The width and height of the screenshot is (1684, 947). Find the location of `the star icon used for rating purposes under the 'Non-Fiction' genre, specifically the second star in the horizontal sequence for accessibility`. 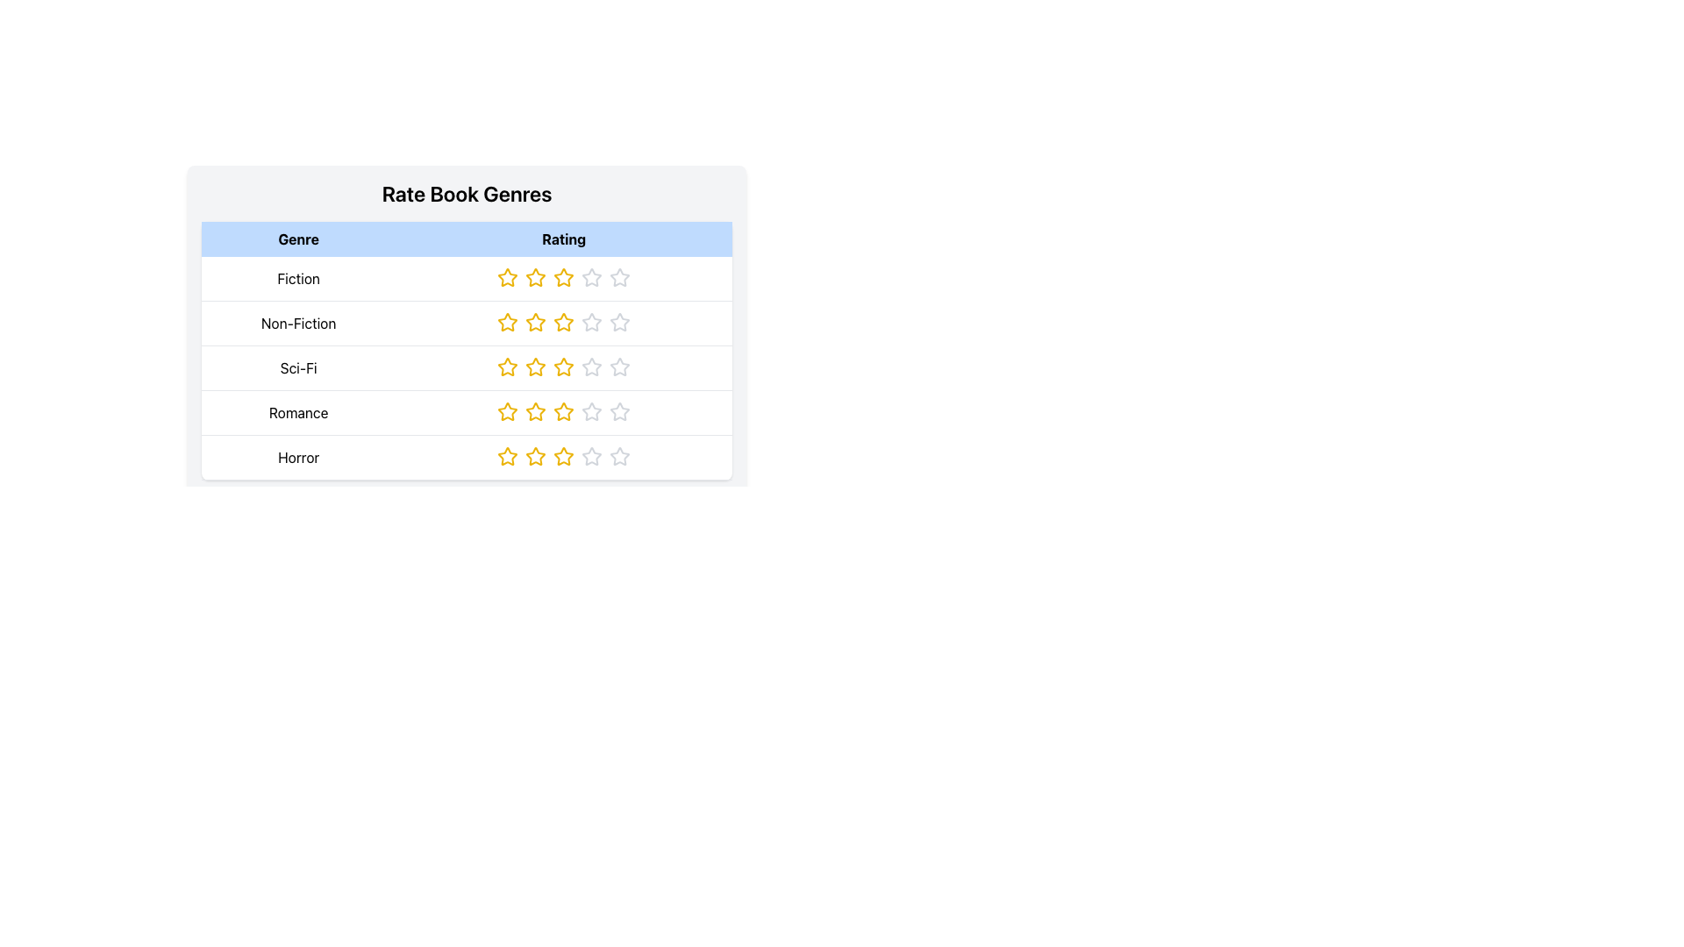

the star icon used for rating purposes under the 'Non-Fiction' genre, specifically the second star in the horizontal sequence for accessibility is located at coordinates (507, 322).